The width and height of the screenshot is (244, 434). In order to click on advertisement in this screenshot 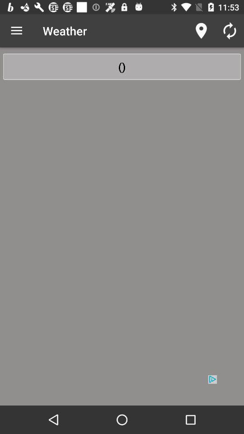, I will do `click(122, 389)`.